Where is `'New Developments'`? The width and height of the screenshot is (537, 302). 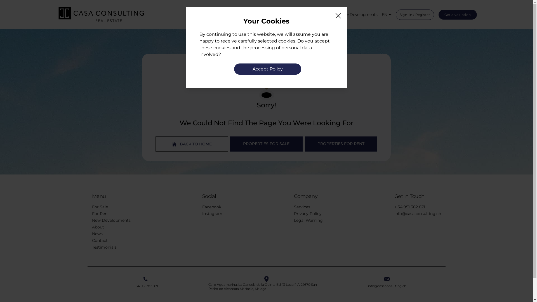
'New Developments' is located at coordinates (359, 14).